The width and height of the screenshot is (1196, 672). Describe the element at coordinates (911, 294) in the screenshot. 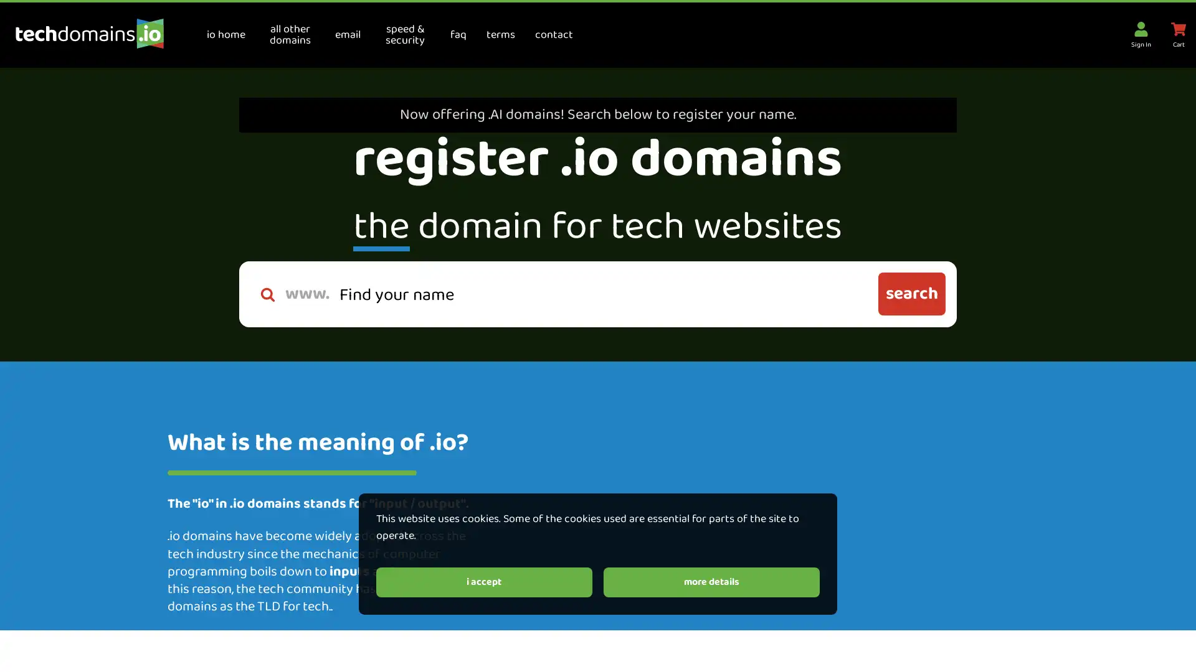

I see `Search button` at that location.